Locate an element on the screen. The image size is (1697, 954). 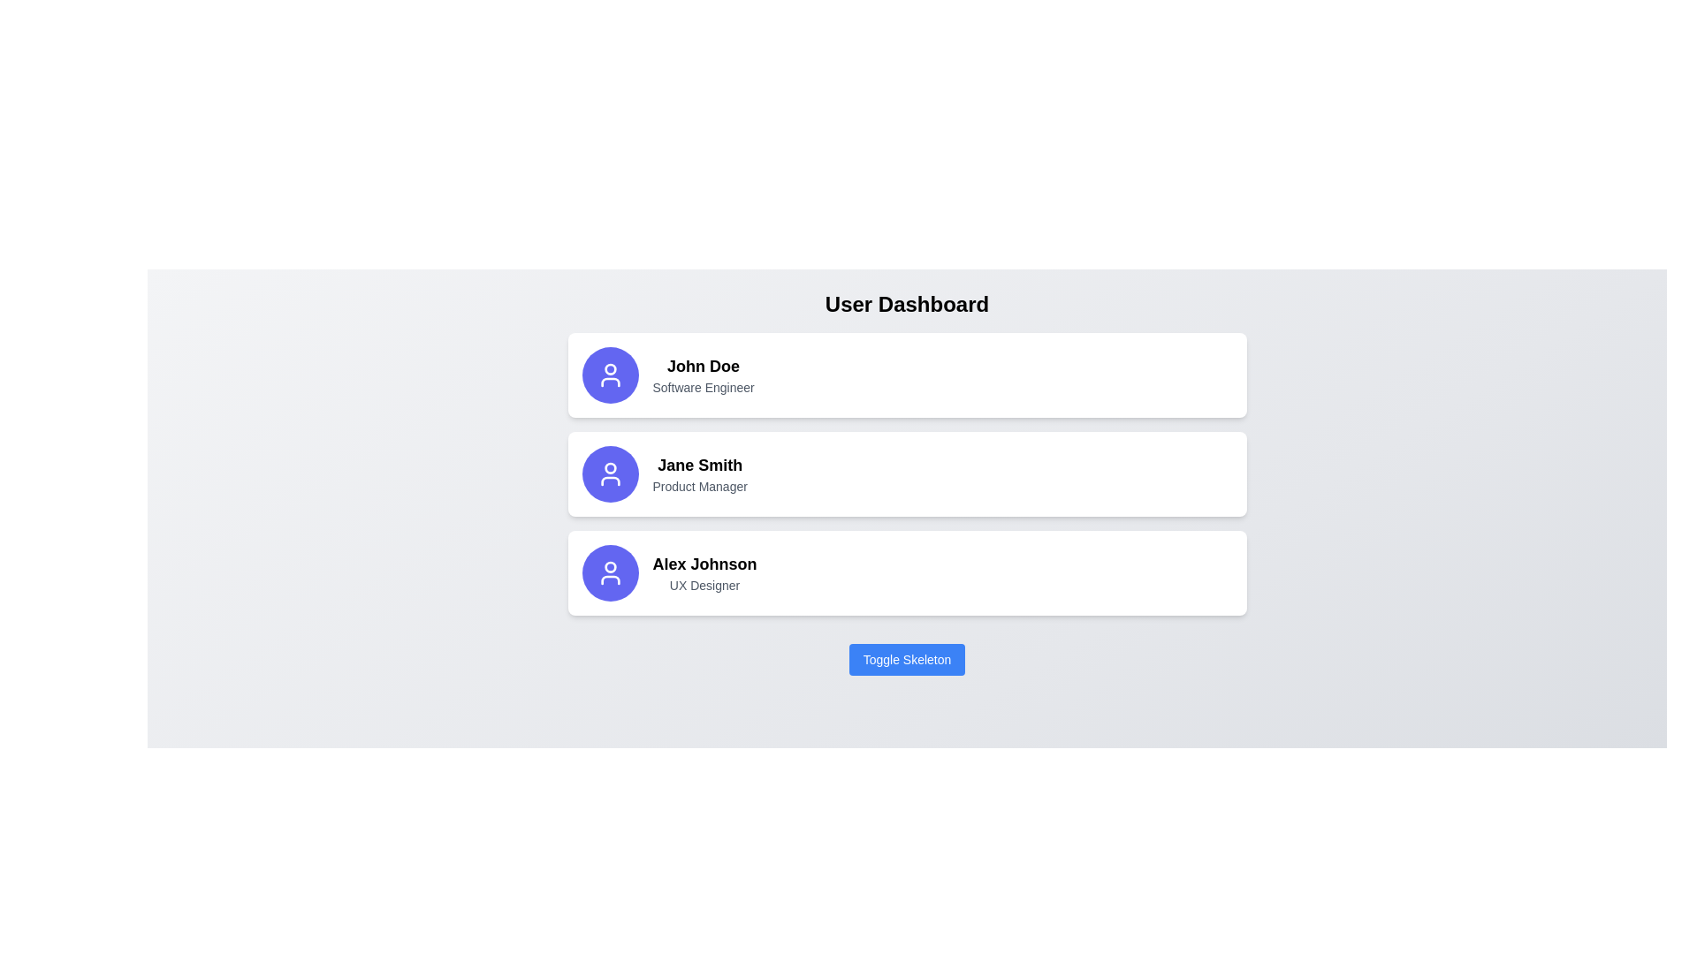
the 'Software Engineer' text label located beneath 'John Doe' in the first user card is located at coordinates (703, 387).